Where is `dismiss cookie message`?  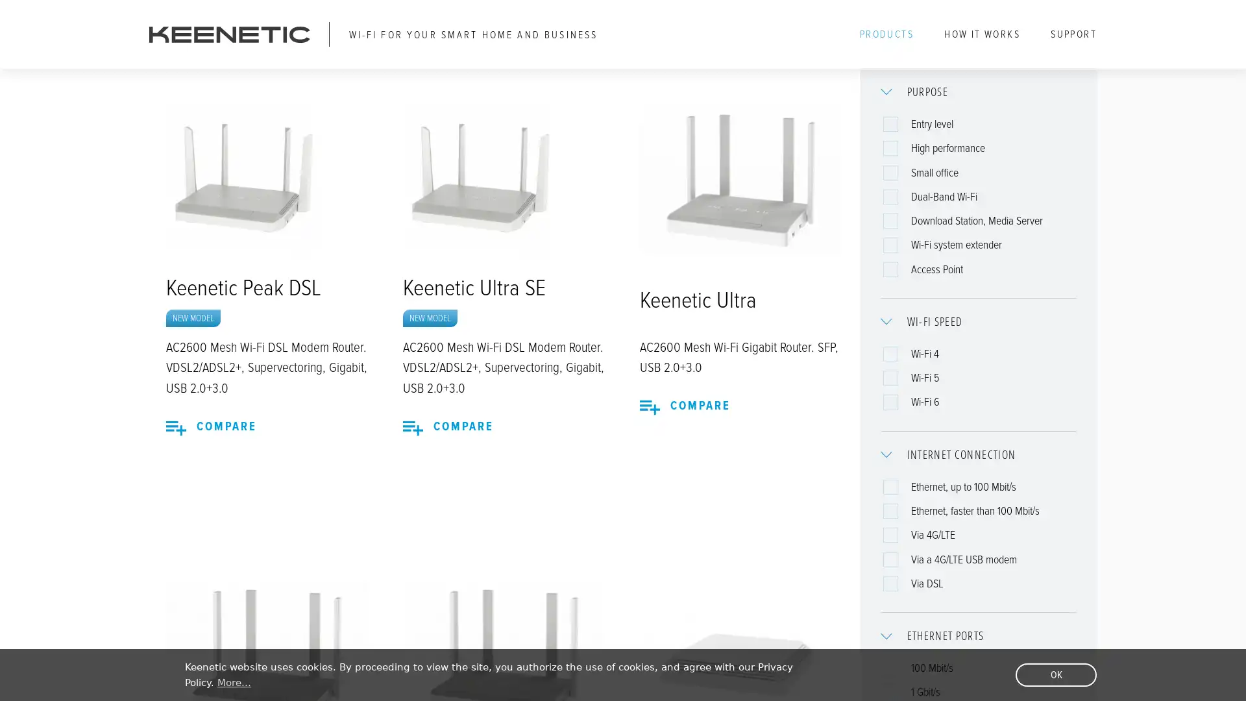
dismiss cookie message is located at coordinates (1056, 674).